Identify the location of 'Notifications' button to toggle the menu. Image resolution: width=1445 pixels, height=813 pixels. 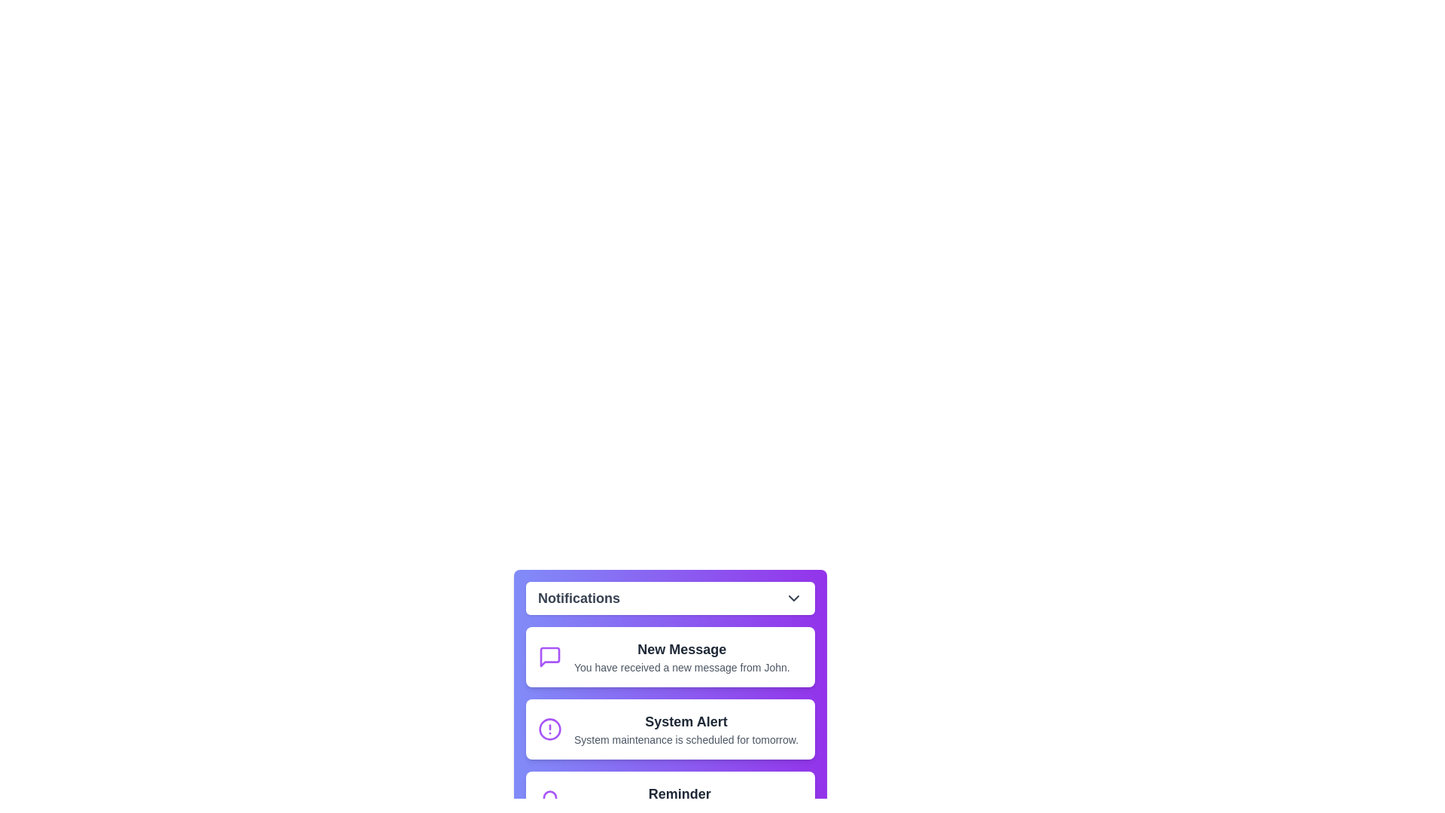
(670, 597).